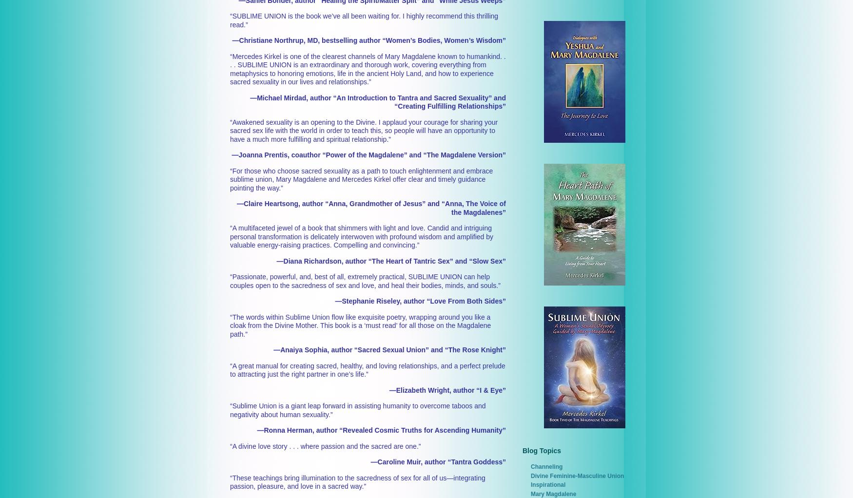 The height and width of the screenshot is (498, 853). What do you see at coordinates (548, 485) in the screenshot?
I see `'Inspirational'` at bounding box center [548, 485].